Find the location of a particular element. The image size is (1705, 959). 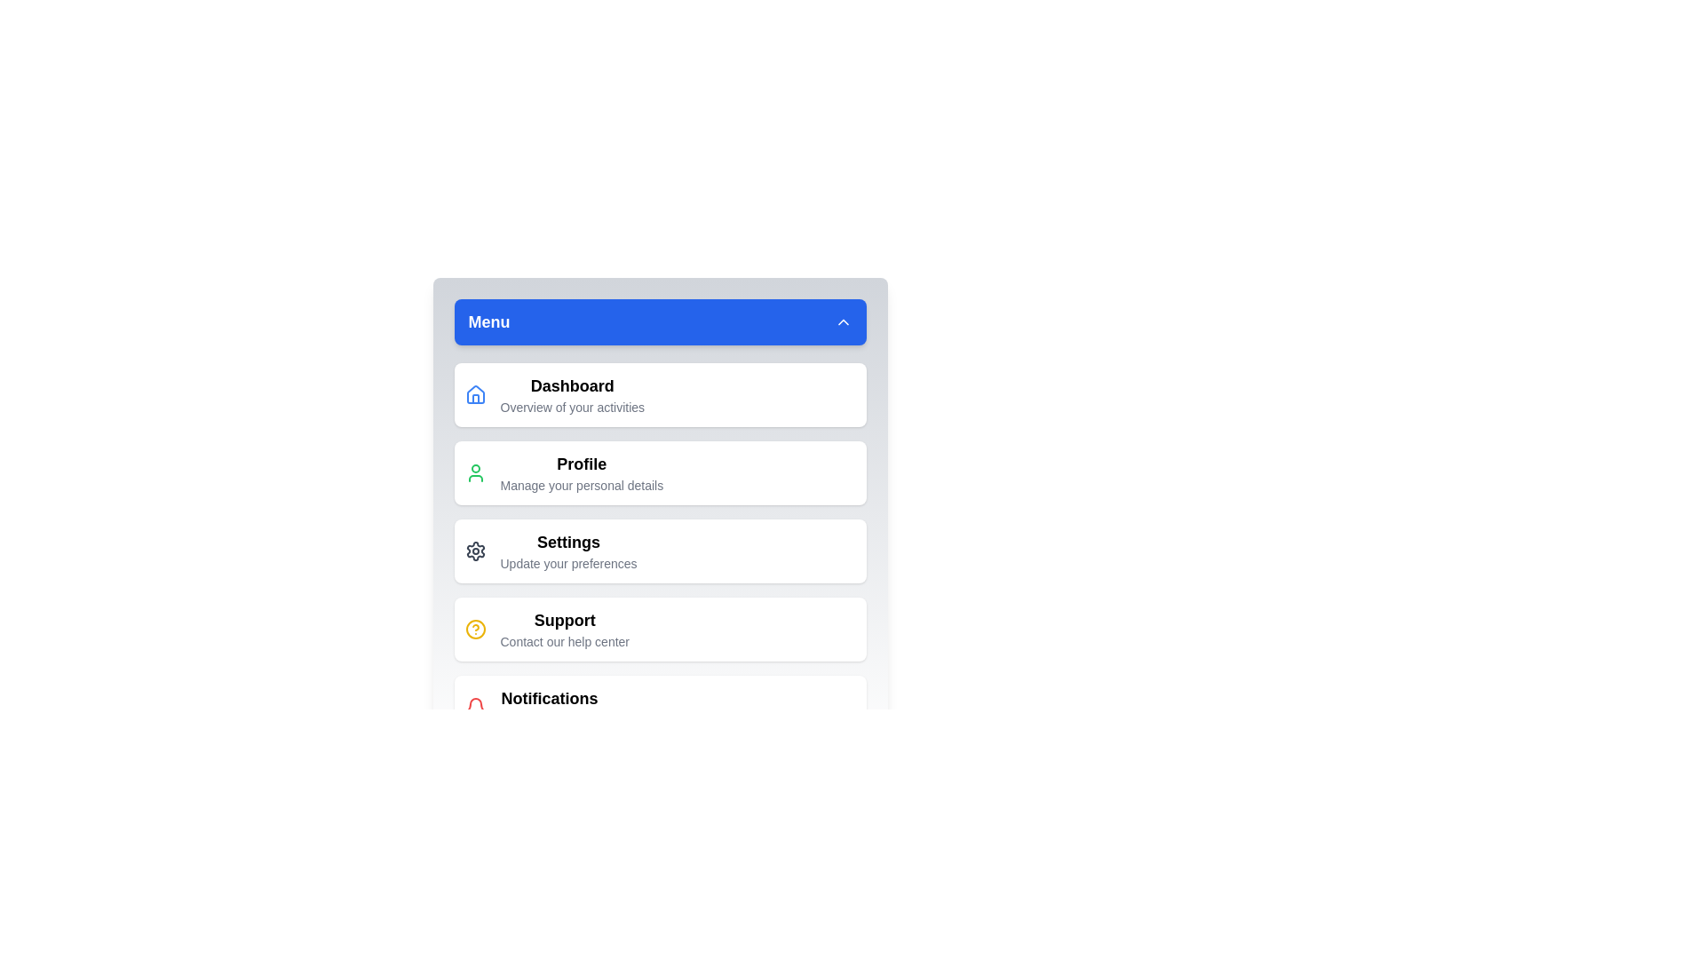

the notifications button, which is the fifth item in the vertical list of menu options, located between the 'Support' option and the following elements is located at coordinates (659, 707).